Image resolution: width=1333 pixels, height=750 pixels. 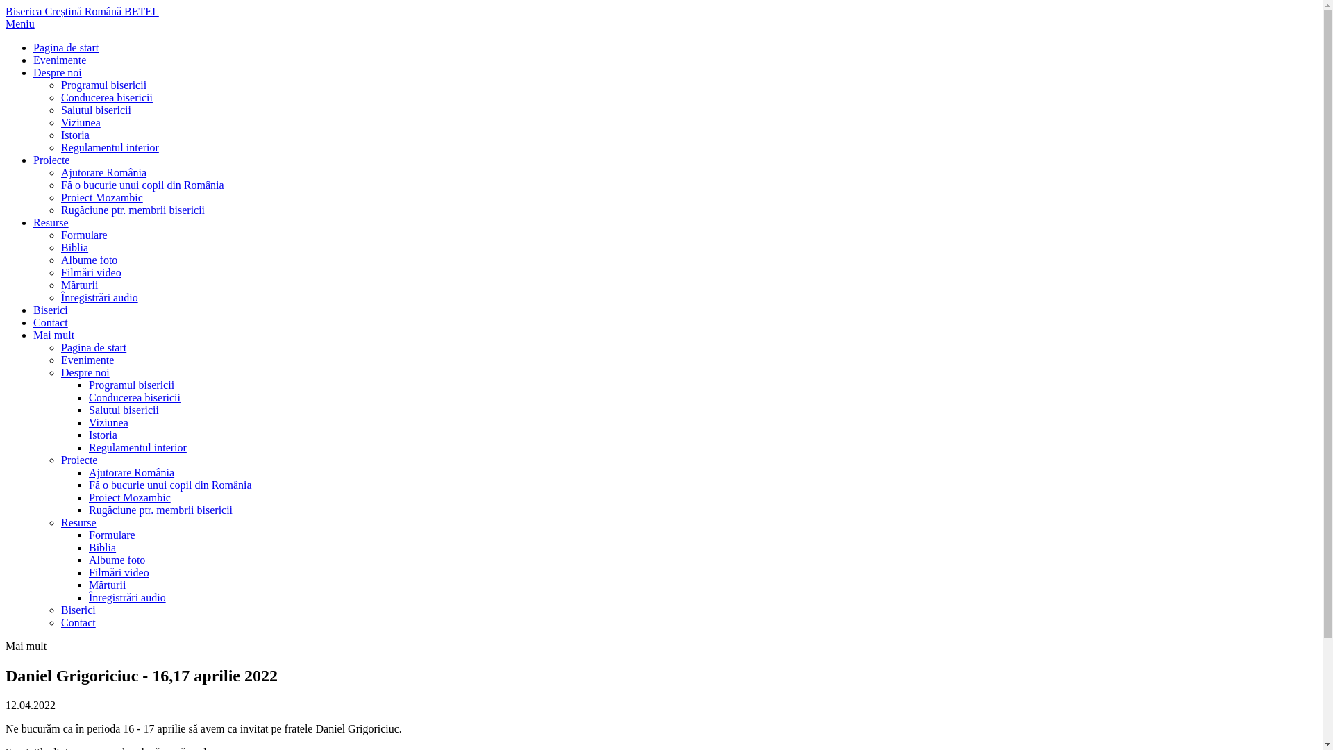 What do you see at coordinates (83, 234) in the screenshot?
I see `'Formulare'` at bounding box center [83, 234].